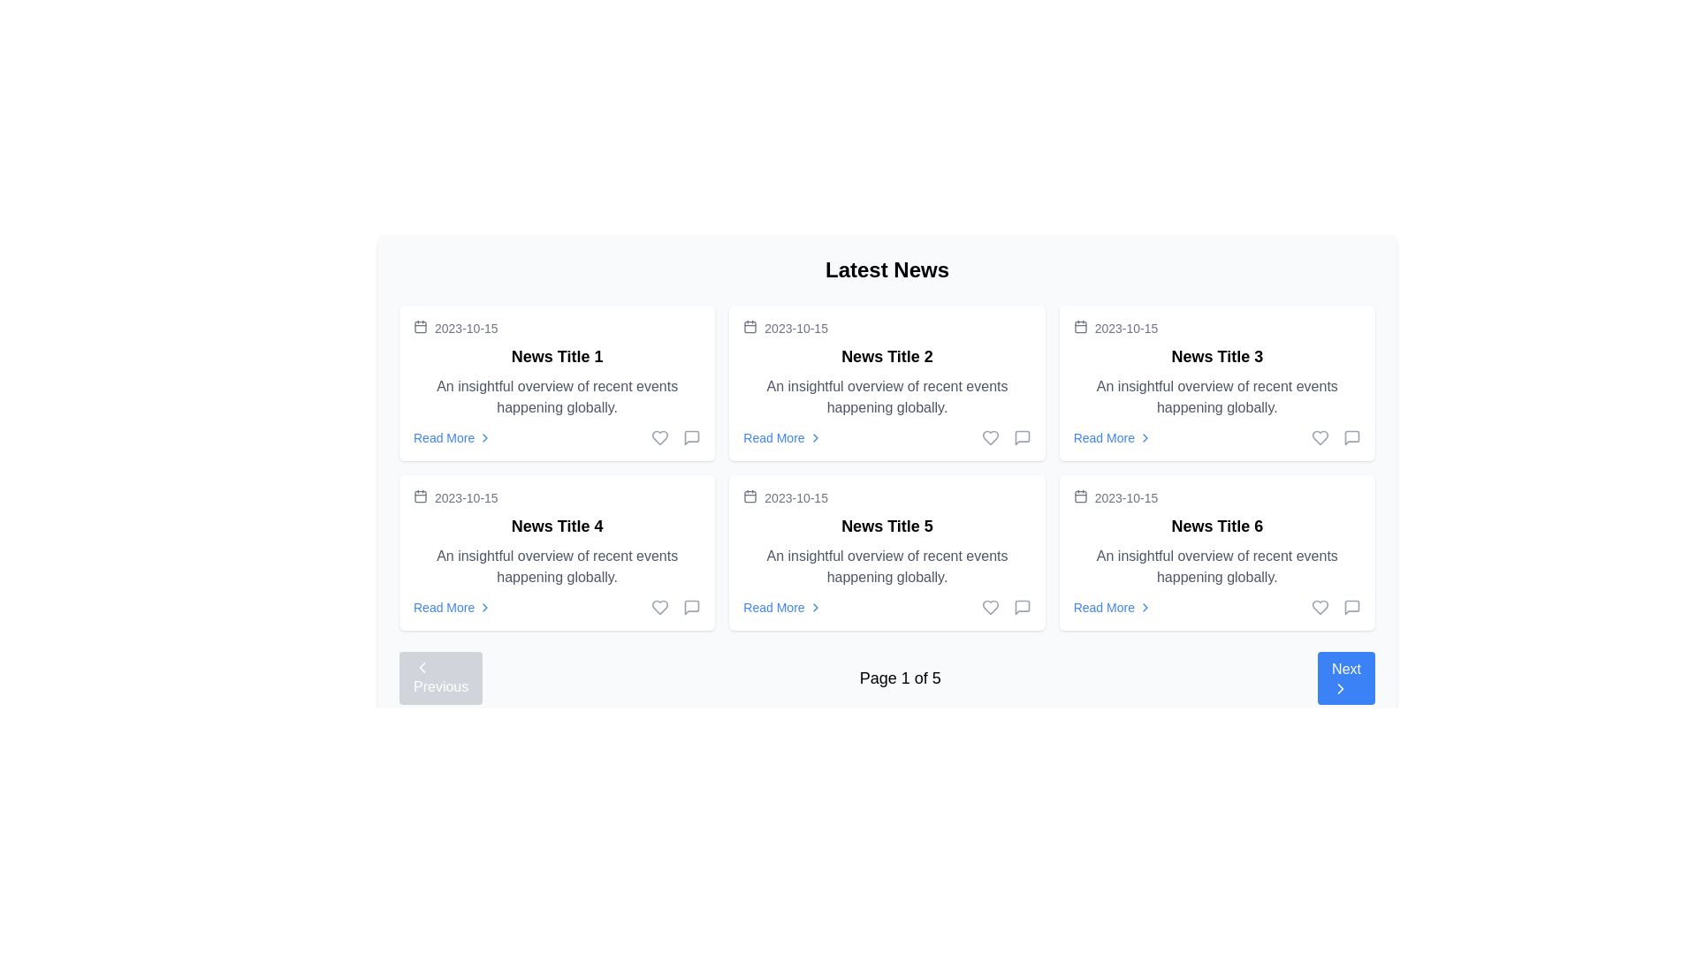  What do you see at coordinates (690, 437) in the screenshot?
I see `the comment interaction icon located in the bottom-right corner of the news card labeled 'News Title 2' to initiate a comment-related action` at bounding box center [690, 437].